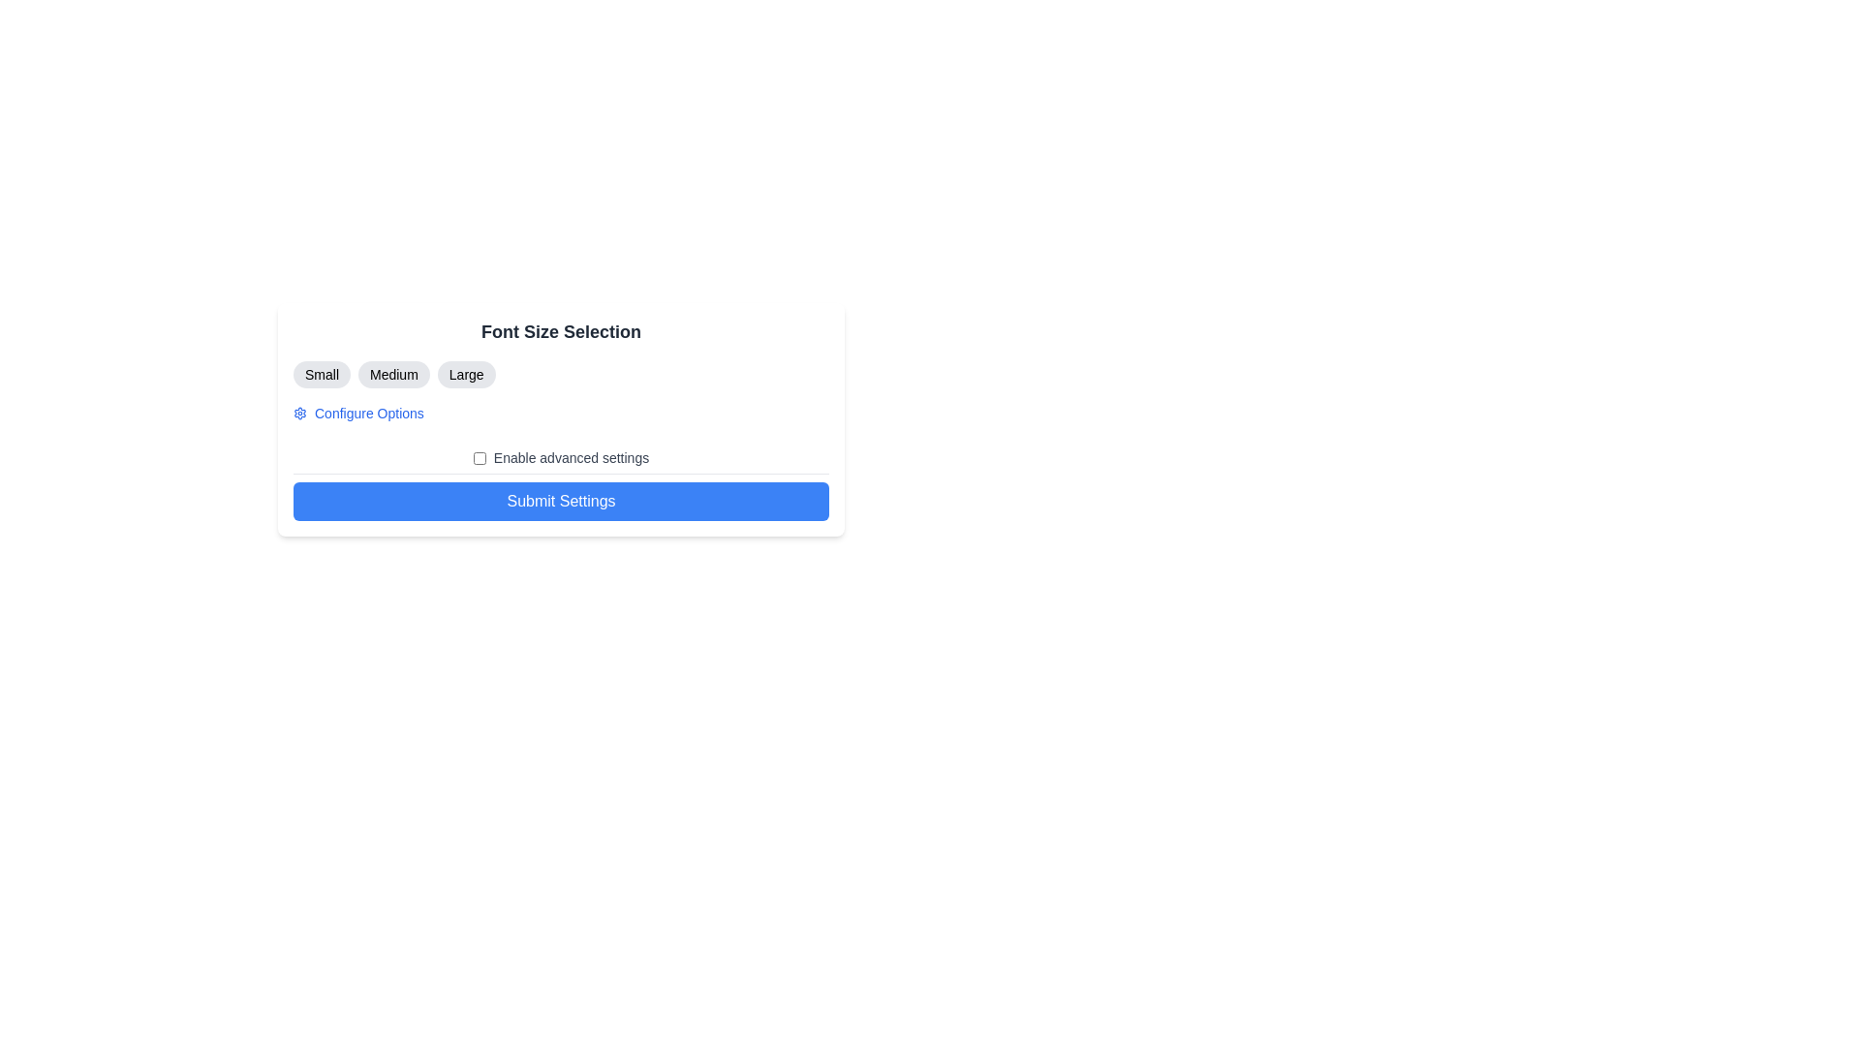 Image resolution: width=1860 pixels, height=1046 pixels. I want to click on the 'Medium' font size button located in the 'Font Size Selection' section, which is the second button among three horizontally aligned options labeled 'Small', 'Medium', and 'Large', so click(392, 374).